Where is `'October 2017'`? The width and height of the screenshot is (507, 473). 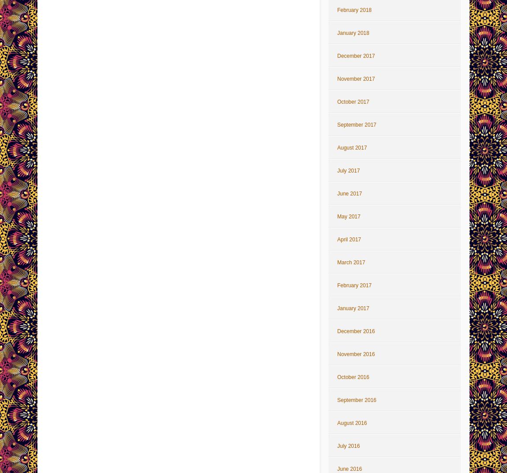 'October 2017' is located at coordinates (352, 102).